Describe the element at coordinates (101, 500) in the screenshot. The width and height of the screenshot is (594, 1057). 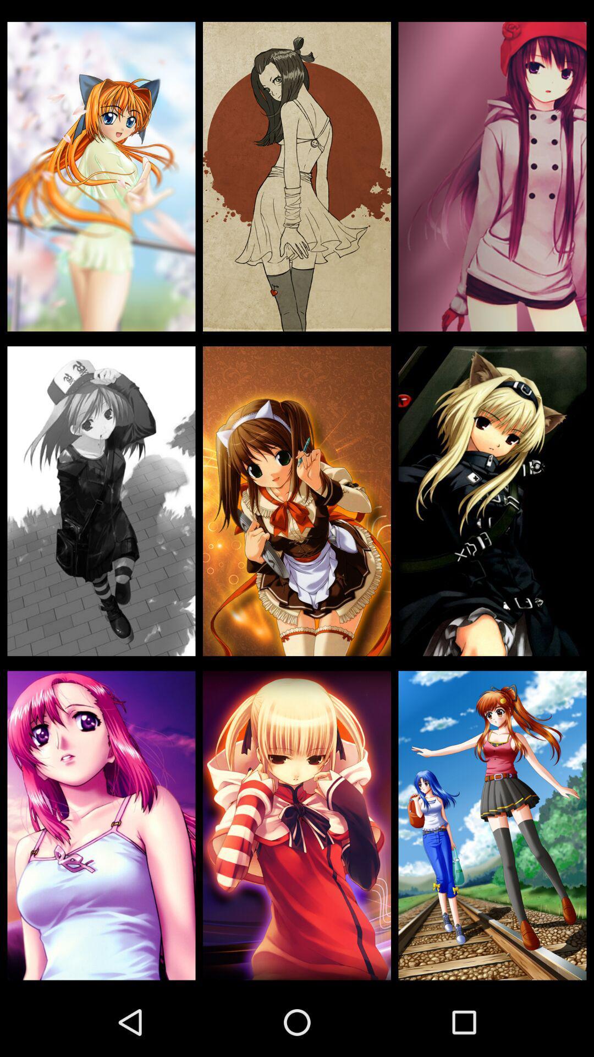
I see `open this image` at that location.